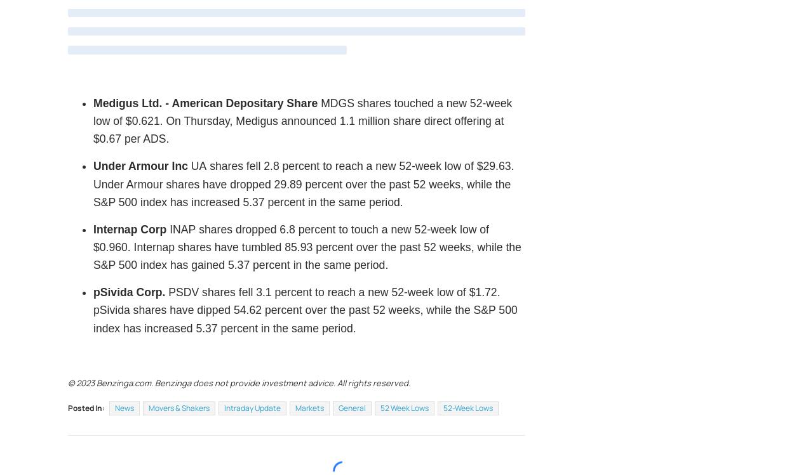 This screenshot has width=794, height=475. I want to click on 'INAP', so click(182, 229).